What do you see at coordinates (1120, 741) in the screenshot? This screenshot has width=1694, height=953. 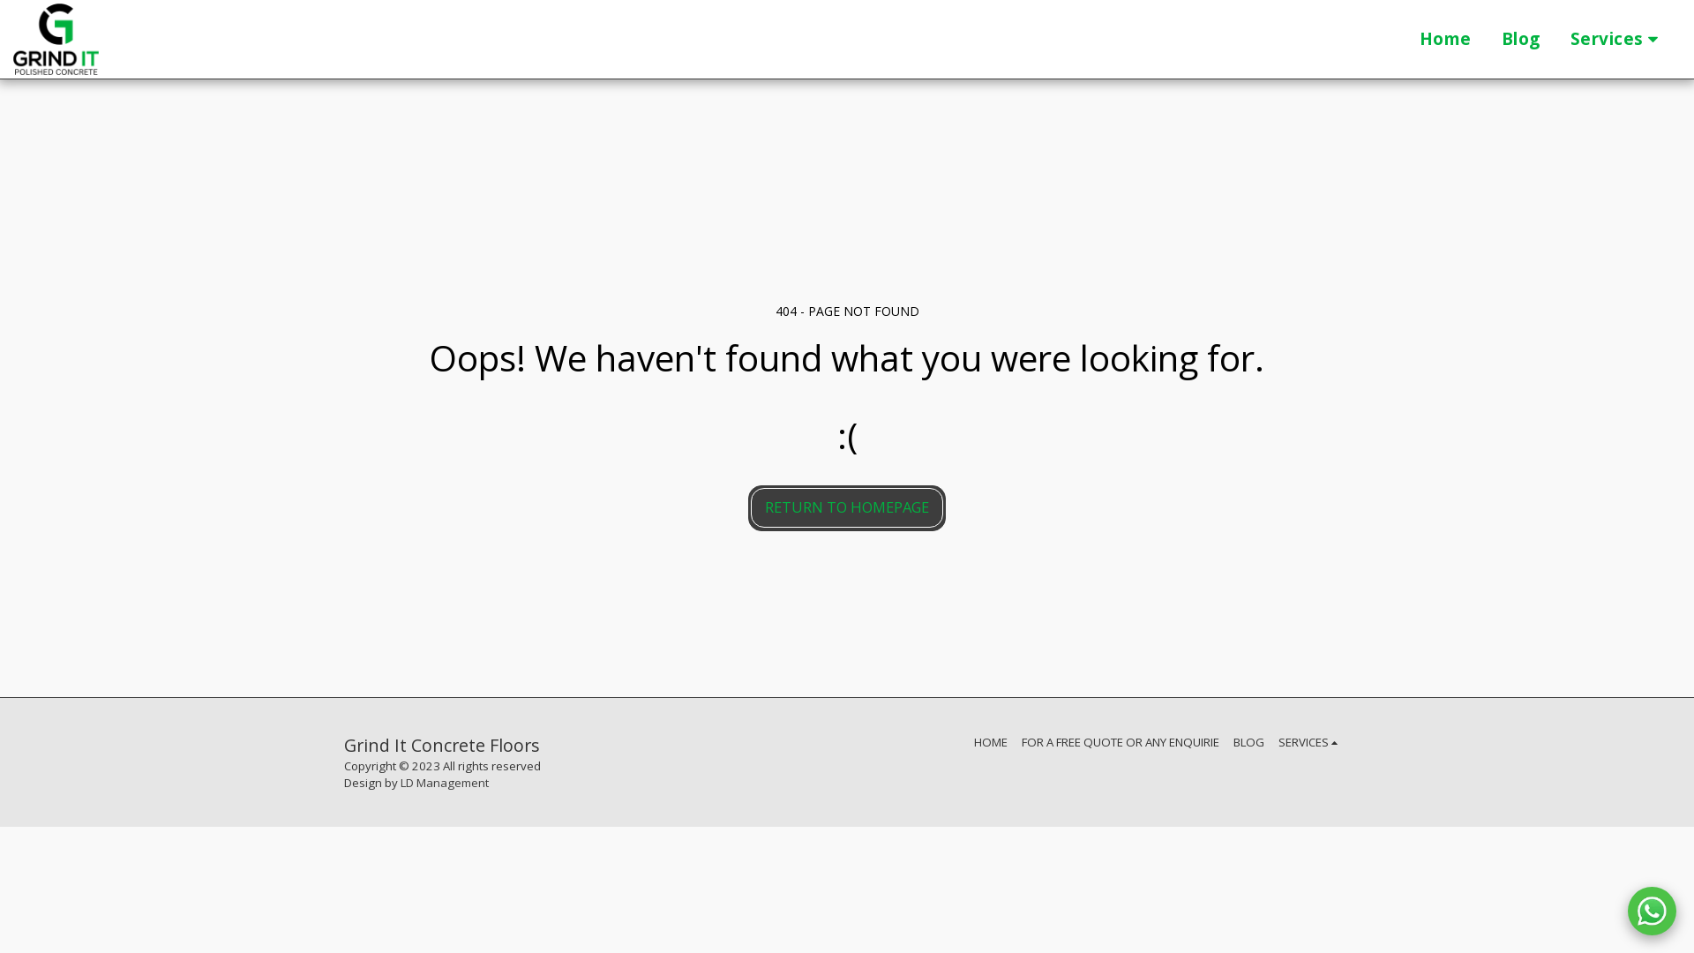 I see `'FOR A FREE QUOTE OR ANY ENQUIRIE'` at bounding box center [1120, 741].